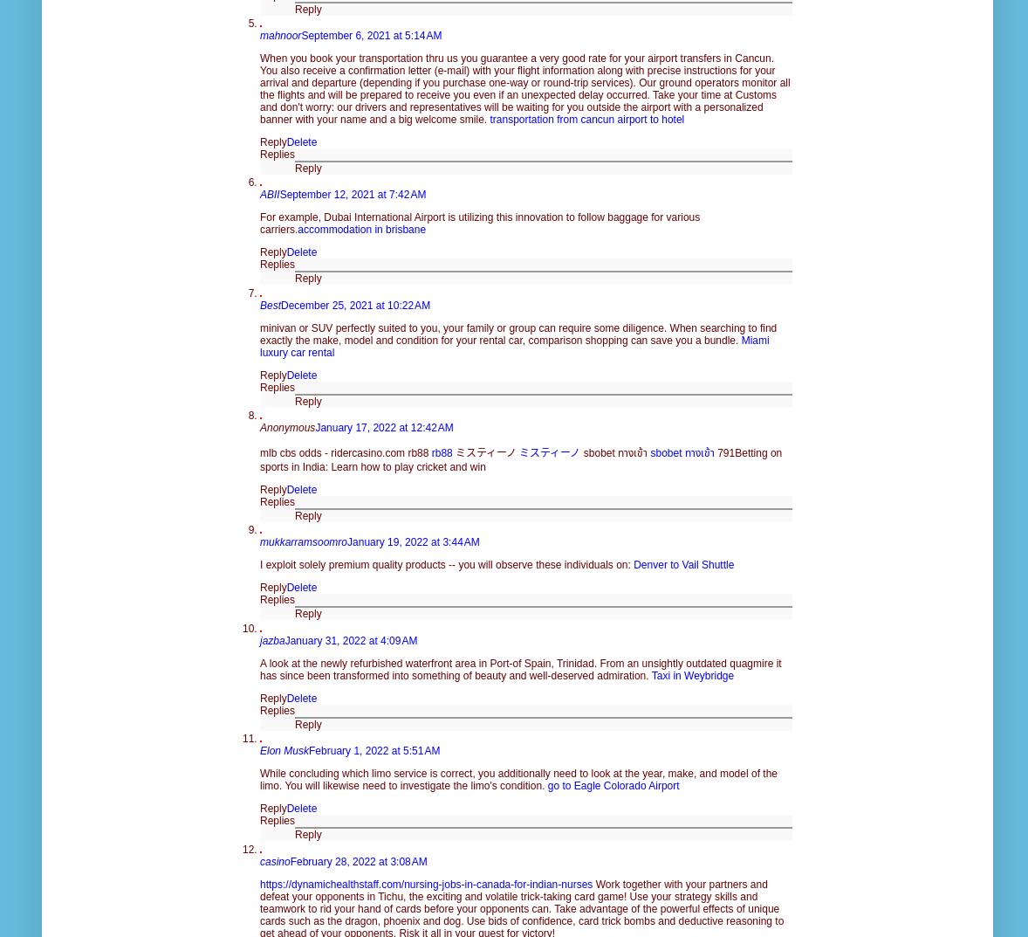 The height and width of the screenshot is (937, 1028). What do you see at coordinates (284, 638) in the screenshot?
I see `'January 31, 2022 at 4:09 AM'` at bounding box center [284, 638].